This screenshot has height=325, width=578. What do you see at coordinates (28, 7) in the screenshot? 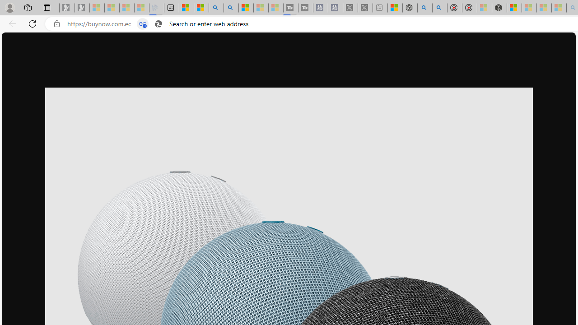
I see `'Workspaces'` at bounding box center [28, 7].